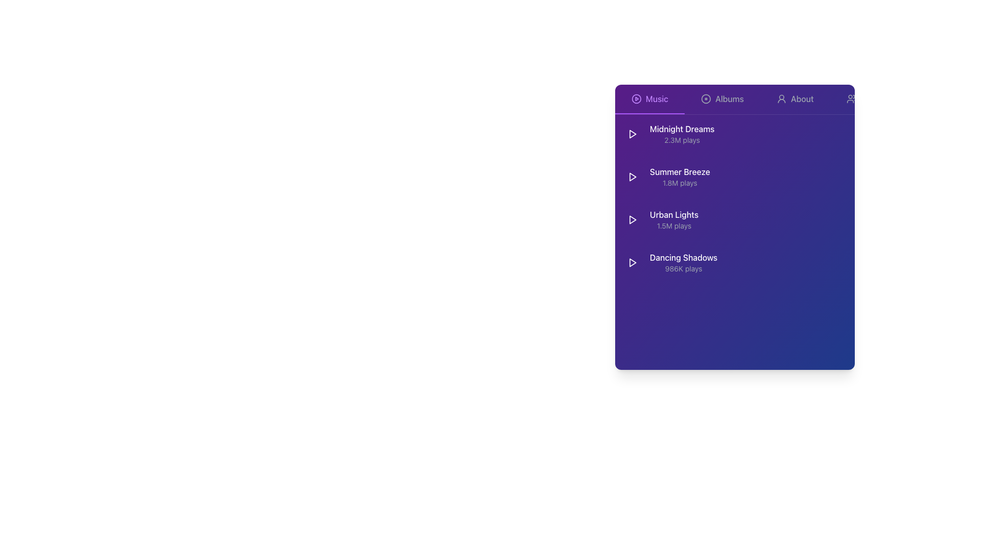 The width and height of the screenshot is (981, 551). Describe the element at coordinates (682, 140) in the screenshot. I see `the text label providing information about the number of plays for 'Midnight Dreams', which is located directly below its title` at that location.